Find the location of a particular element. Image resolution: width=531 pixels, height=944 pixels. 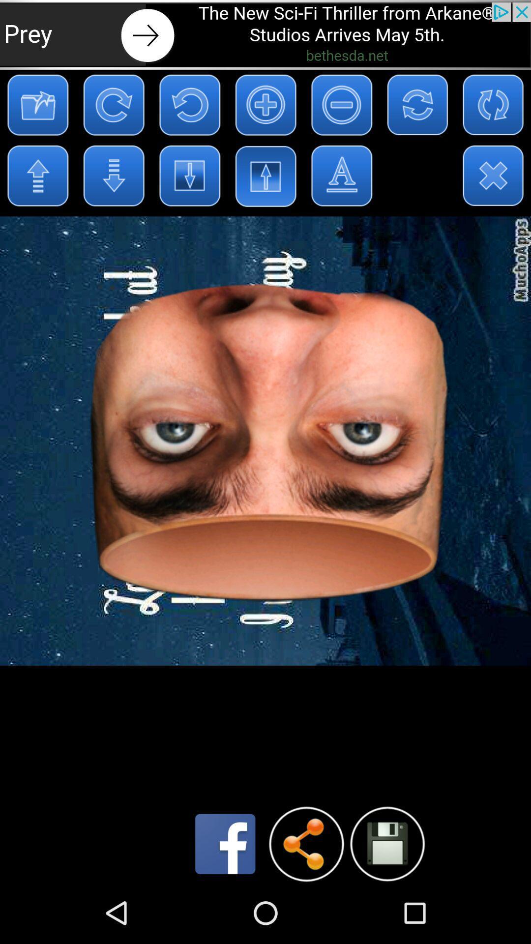

facebook widget is located at coordinates (225, 843).